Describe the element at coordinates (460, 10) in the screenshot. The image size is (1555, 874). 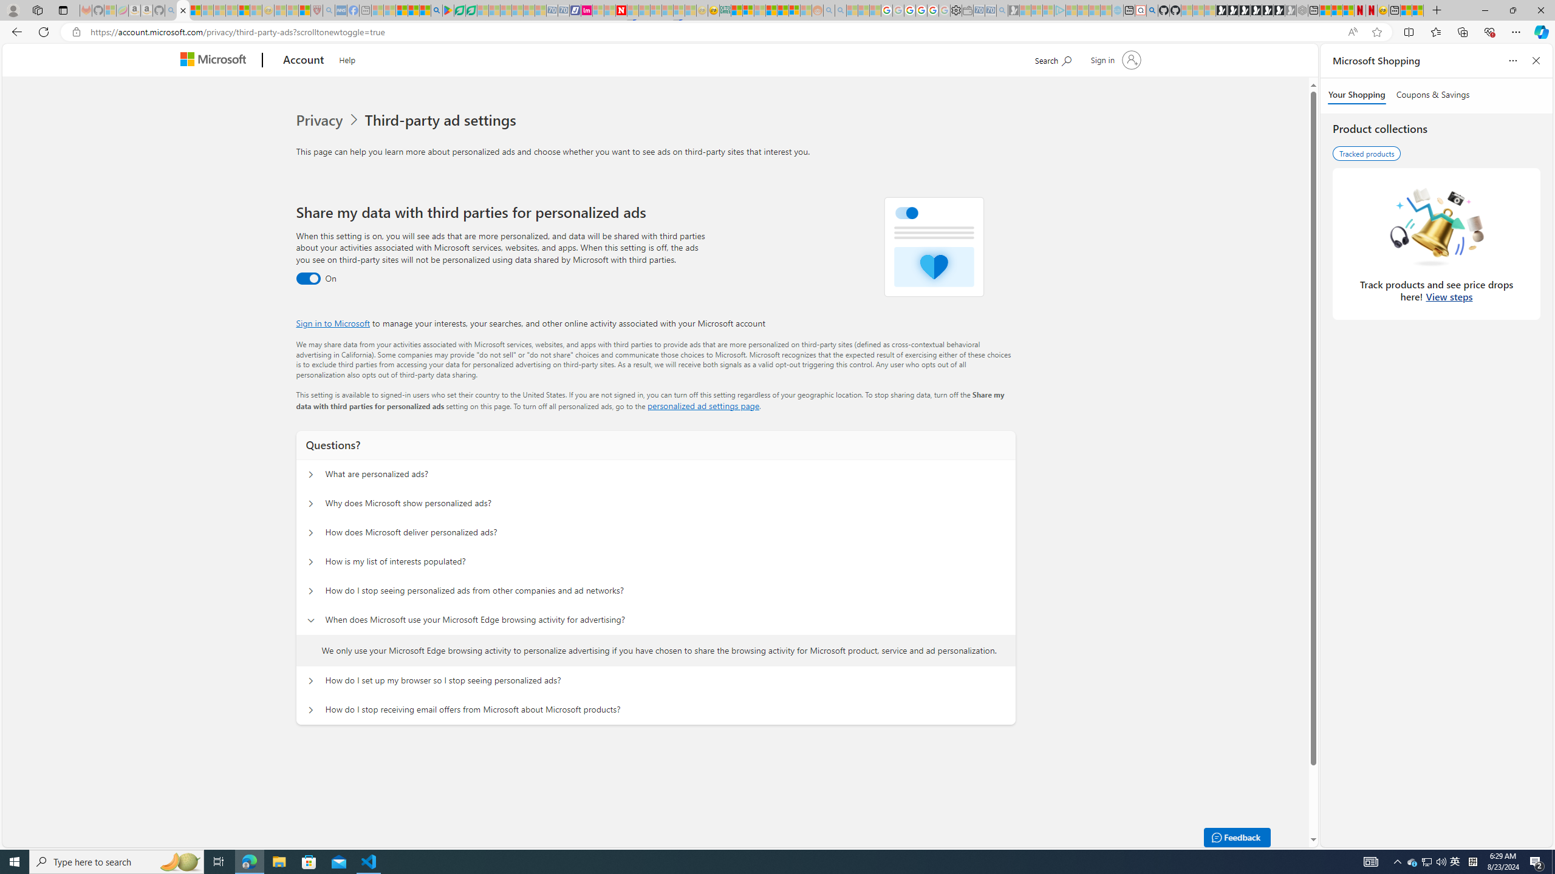
I see `'Terms of Use Agreement'` at that location.